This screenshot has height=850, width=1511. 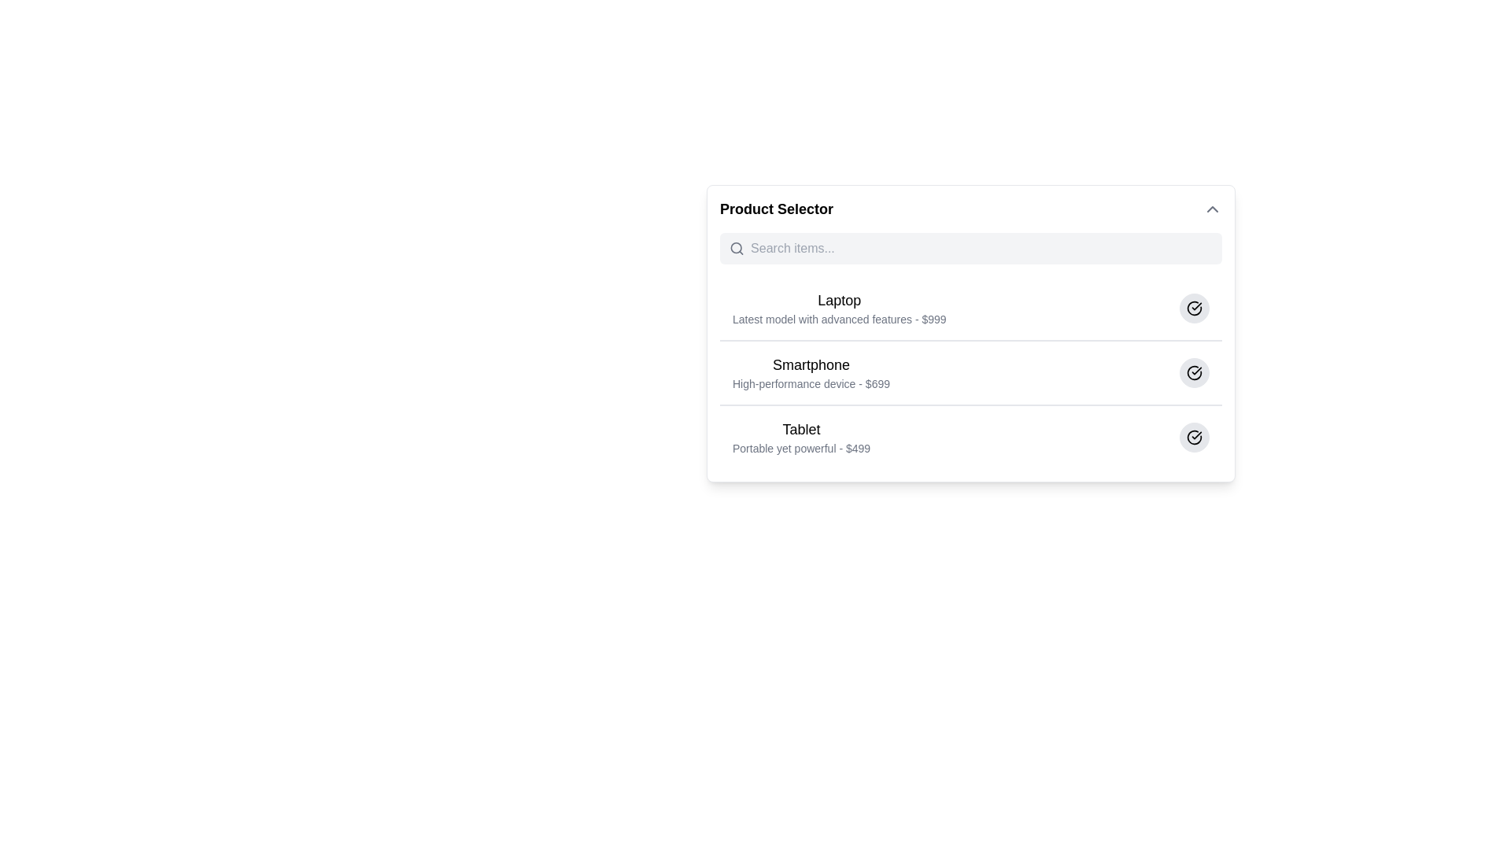 I want to click on the first product entry in the product selector list, which represents the 'Laptop' item, so click(x=970, y=309).